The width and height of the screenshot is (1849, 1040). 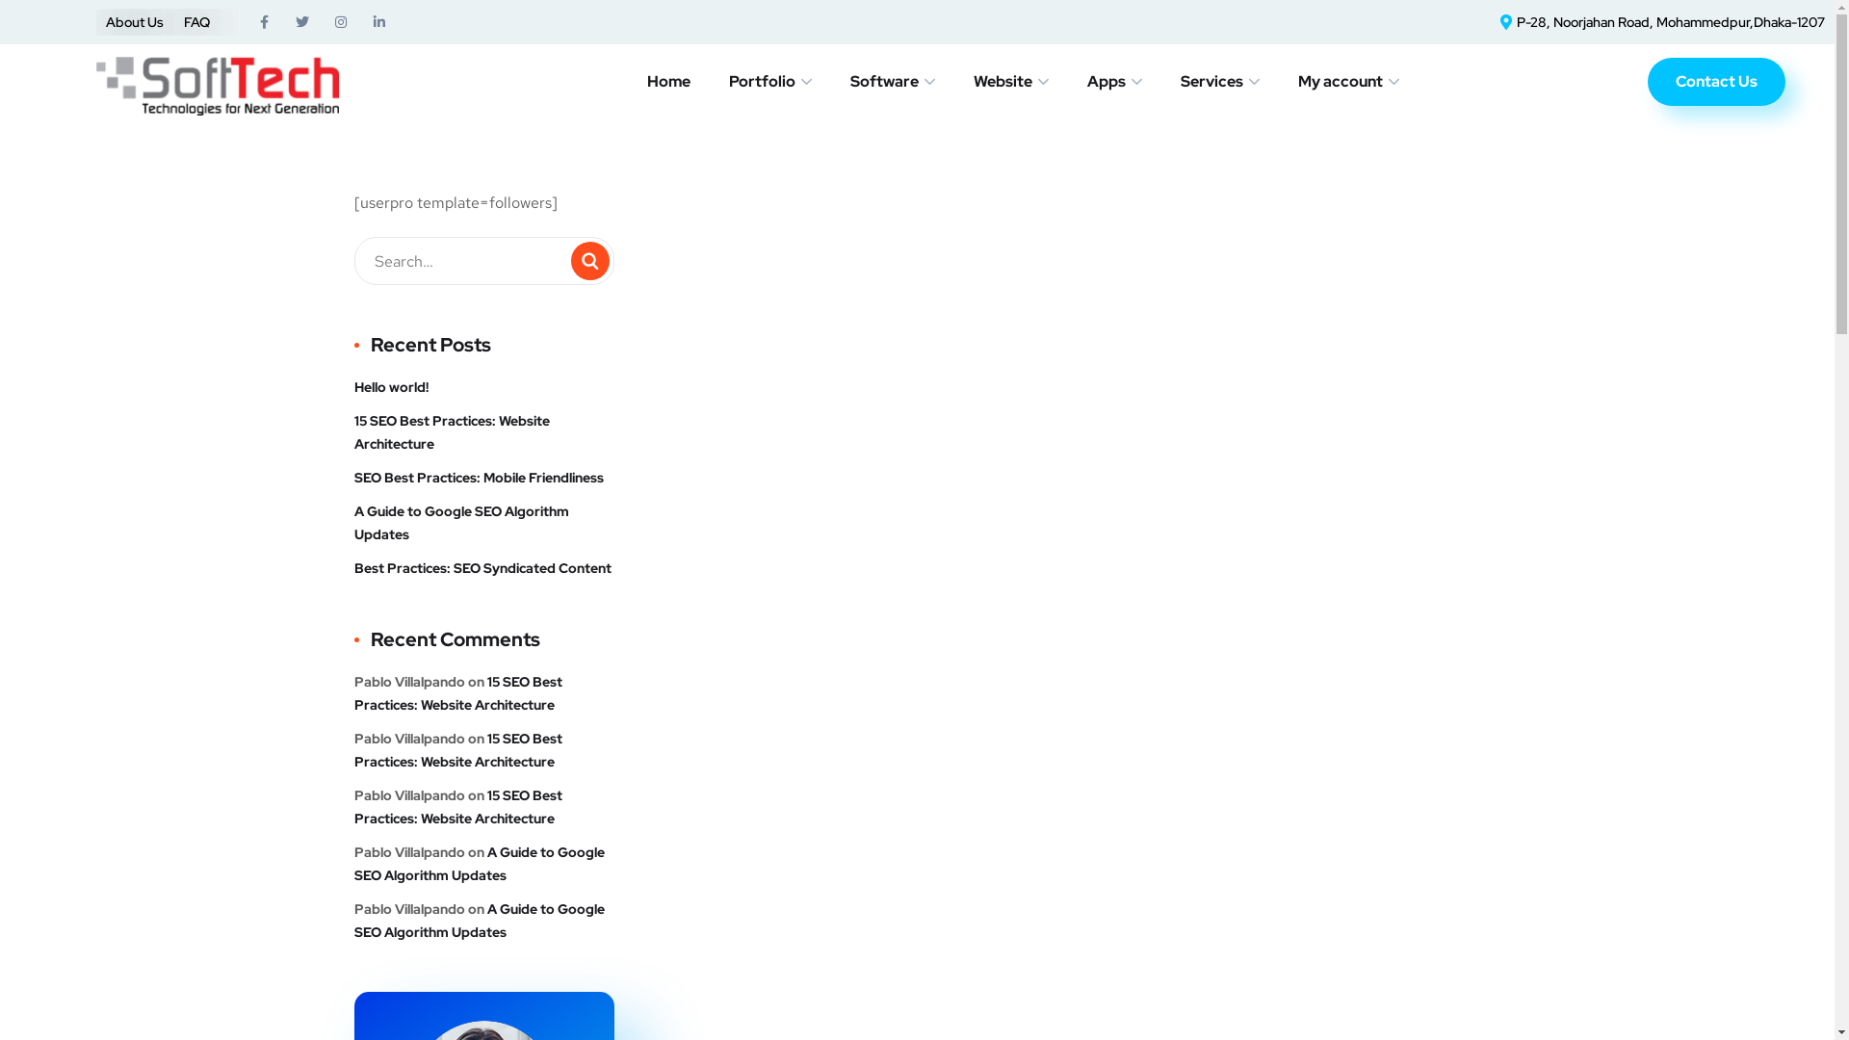 I want to click on 'My account', so click(x=1347, y=80).